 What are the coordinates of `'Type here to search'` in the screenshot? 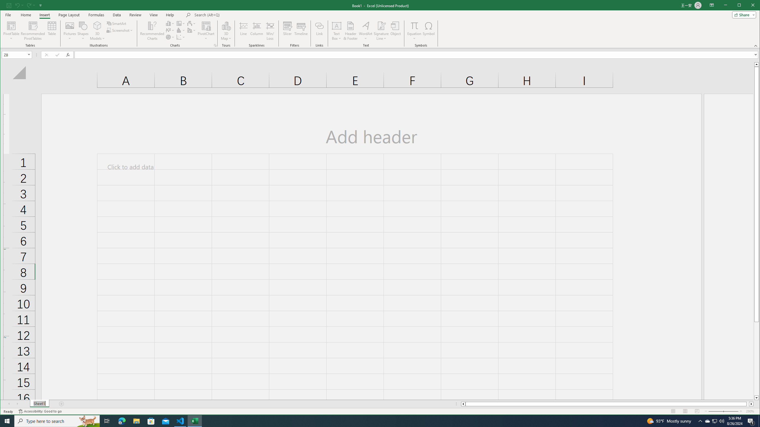 It's located at (57, 420).